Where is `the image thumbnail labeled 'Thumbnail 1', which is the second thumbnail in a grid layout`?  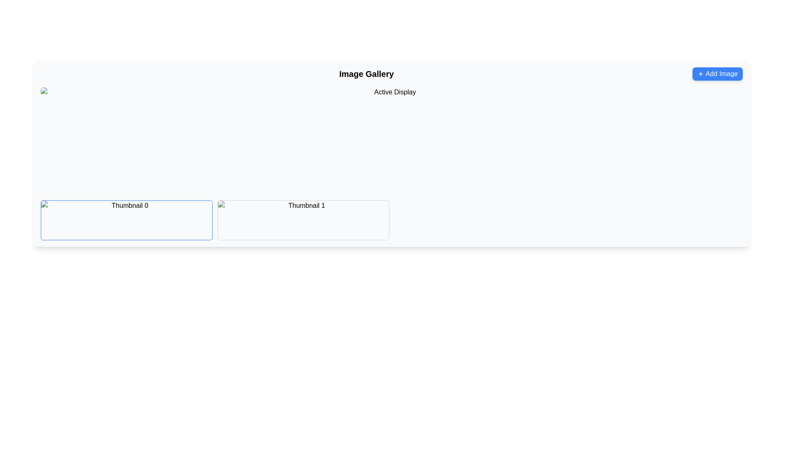
the image thumbnail labeled 'Thumbnail 1', which is the second thumbnail in a grid layout is located at coordinates (303, 220).